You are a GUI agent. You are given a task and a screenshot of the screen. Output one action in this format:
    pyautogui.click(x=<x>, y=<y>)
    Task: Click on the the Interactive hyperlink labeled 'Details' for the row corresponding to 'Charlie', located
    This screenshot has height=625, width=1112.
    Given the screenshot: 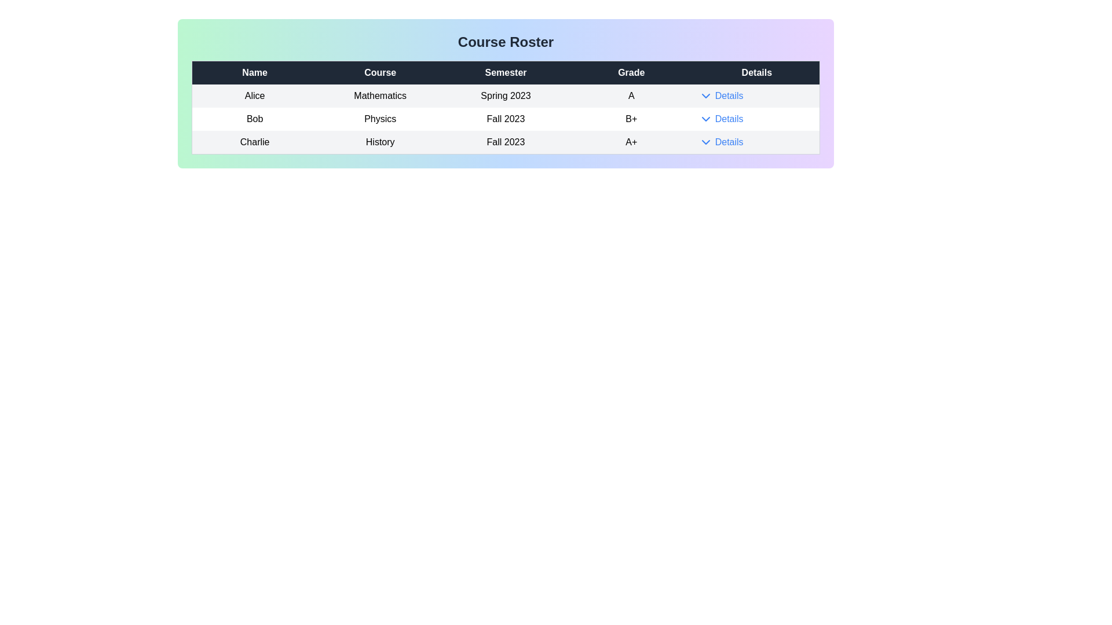 What is the action you would take?
    pyautogui.click(x=720, y=142)
    